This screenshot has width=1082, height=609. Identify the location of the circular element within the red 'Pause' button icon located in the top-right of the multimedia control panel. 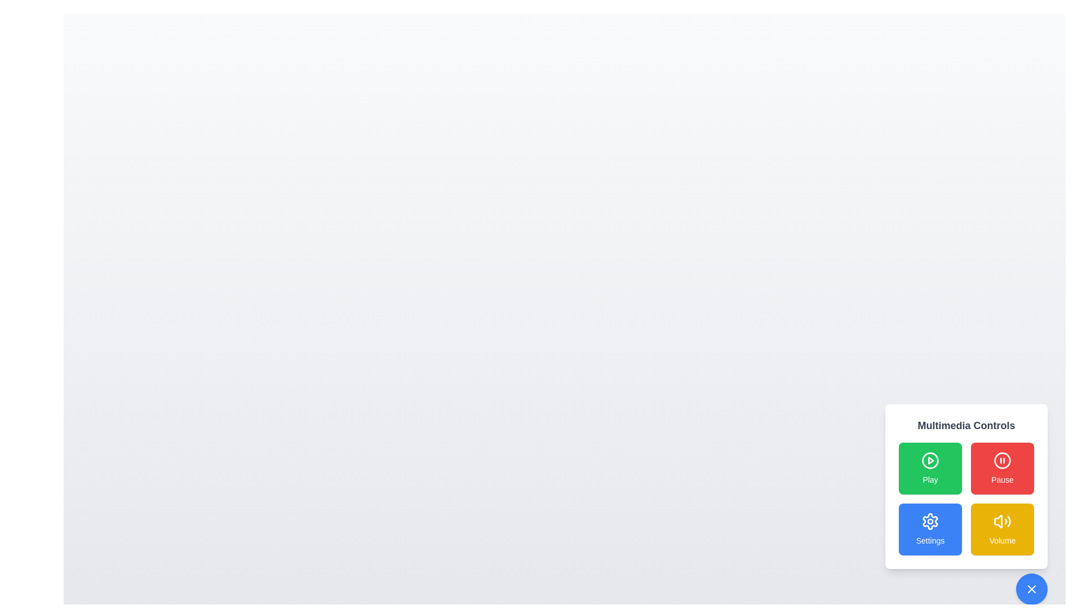
(1003, 461).